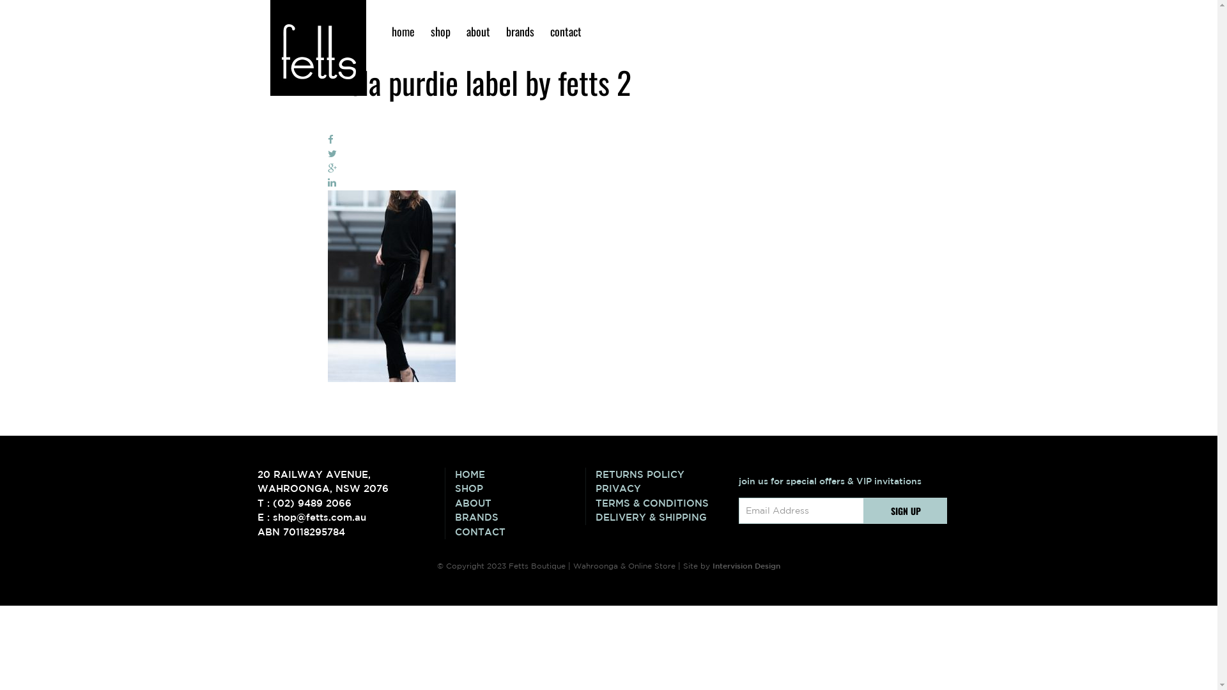  I want to click on 'ABOUT', so click(520, 503).